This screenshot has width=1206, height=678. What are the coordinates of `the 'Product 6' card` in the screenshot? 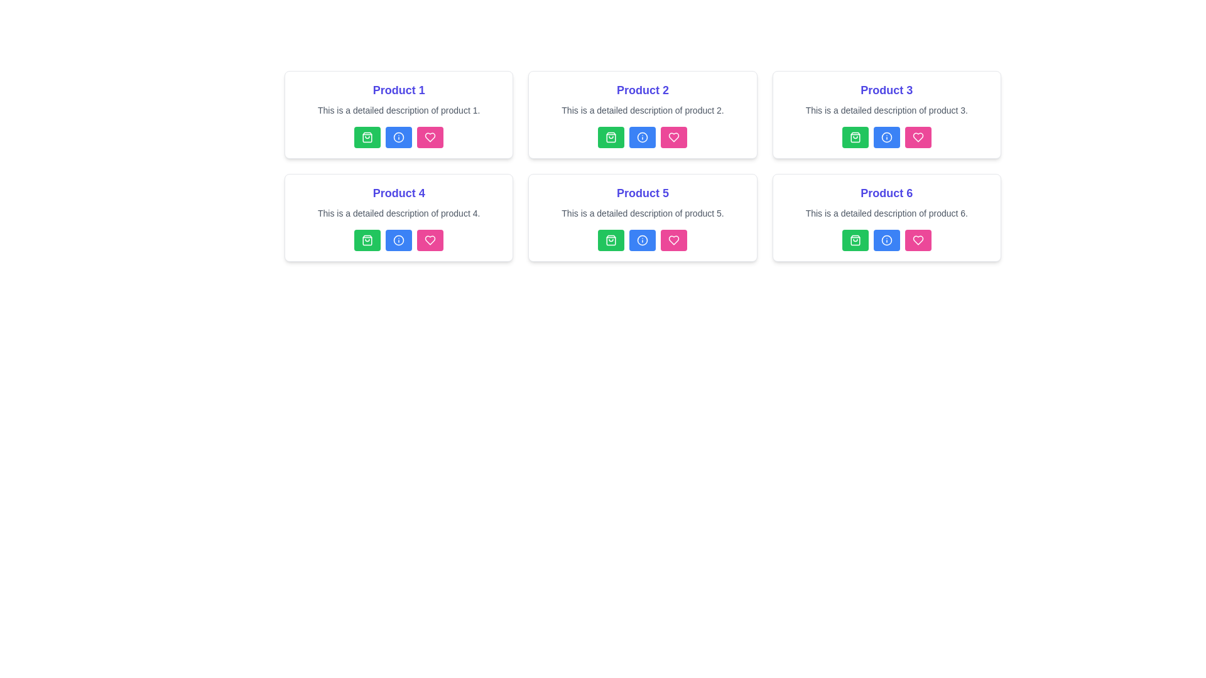 It's located at (886, 217).